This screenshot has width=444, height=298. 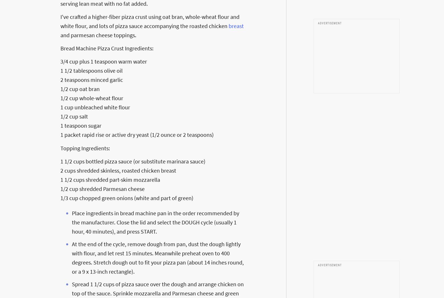 I want to click on 'and parmesan cheese toppings.', so click(x=98, y=35).